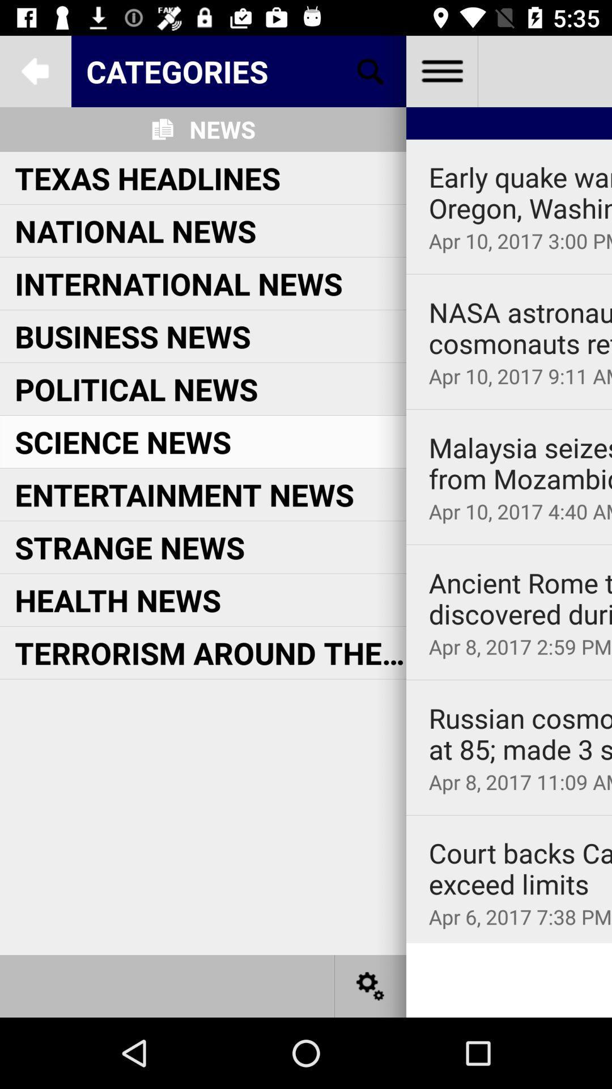  I want to click on malaysia seizes 18, so click(520, 463).